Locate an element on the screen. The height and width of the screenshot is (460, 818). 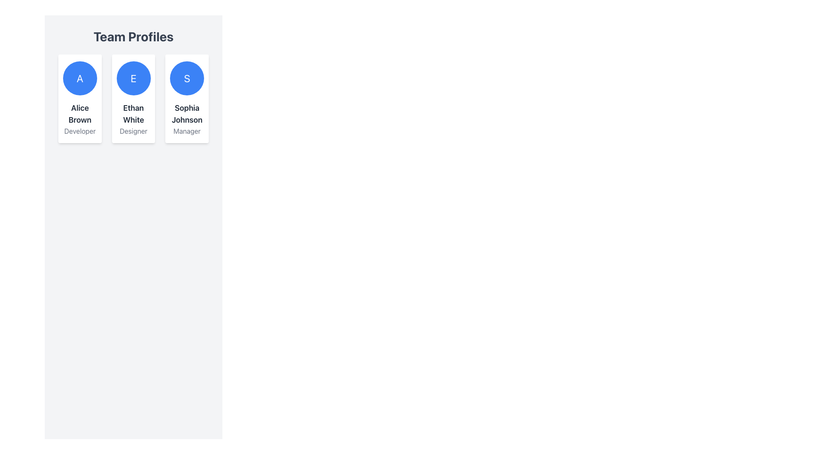
the Text Label indicating the professional designation of Alice Brown in the first profile card is located at coordinates (80, 131).